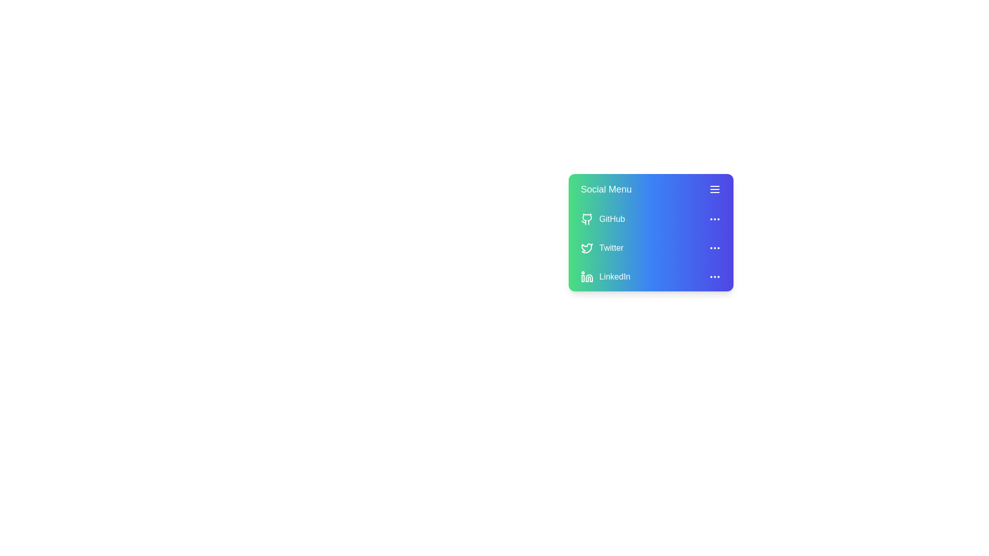 The image size is (989, 556). What do you see at coordinates (714, 218) in the screenshot?
I see `the '...' icon for the GitHub row` at bounding box center [714, 218].